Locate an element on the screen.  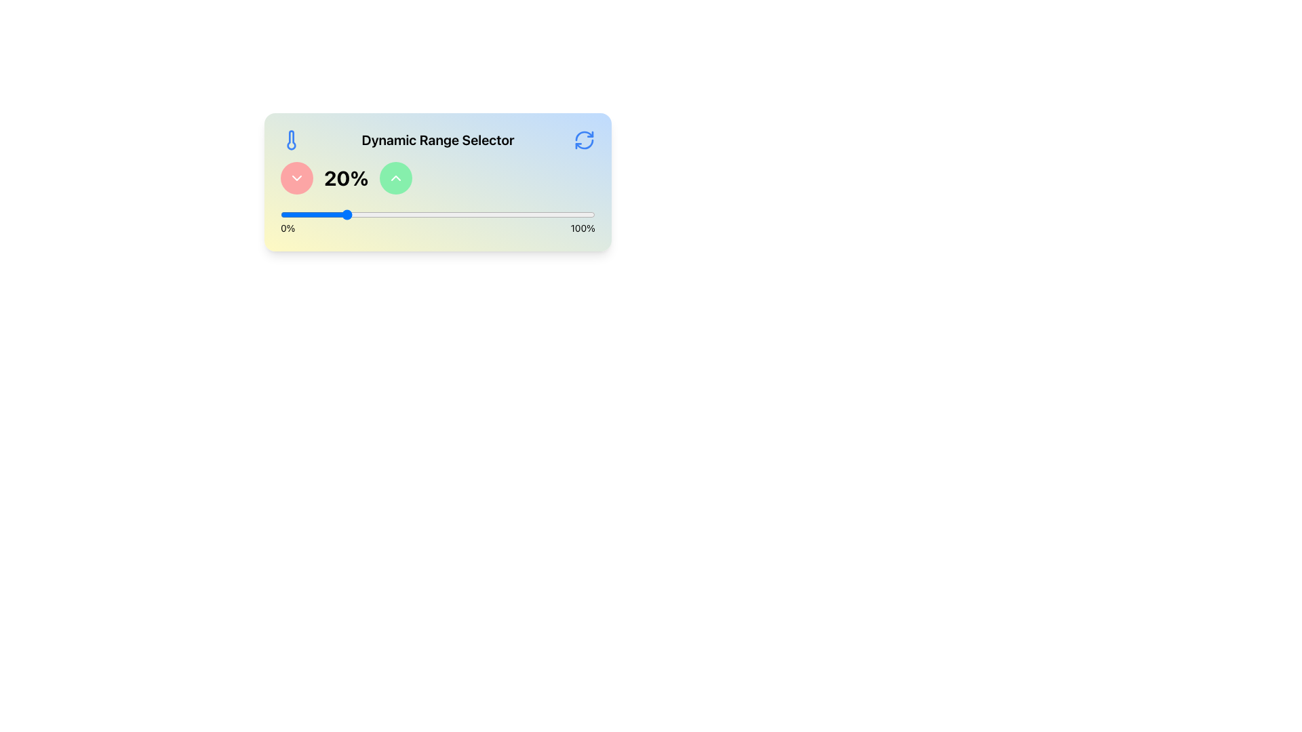
the blue thermometer-shaped icon located to the left of the 'Dynamic Range Selector' text in the header section is located at coordinates (291, 140).